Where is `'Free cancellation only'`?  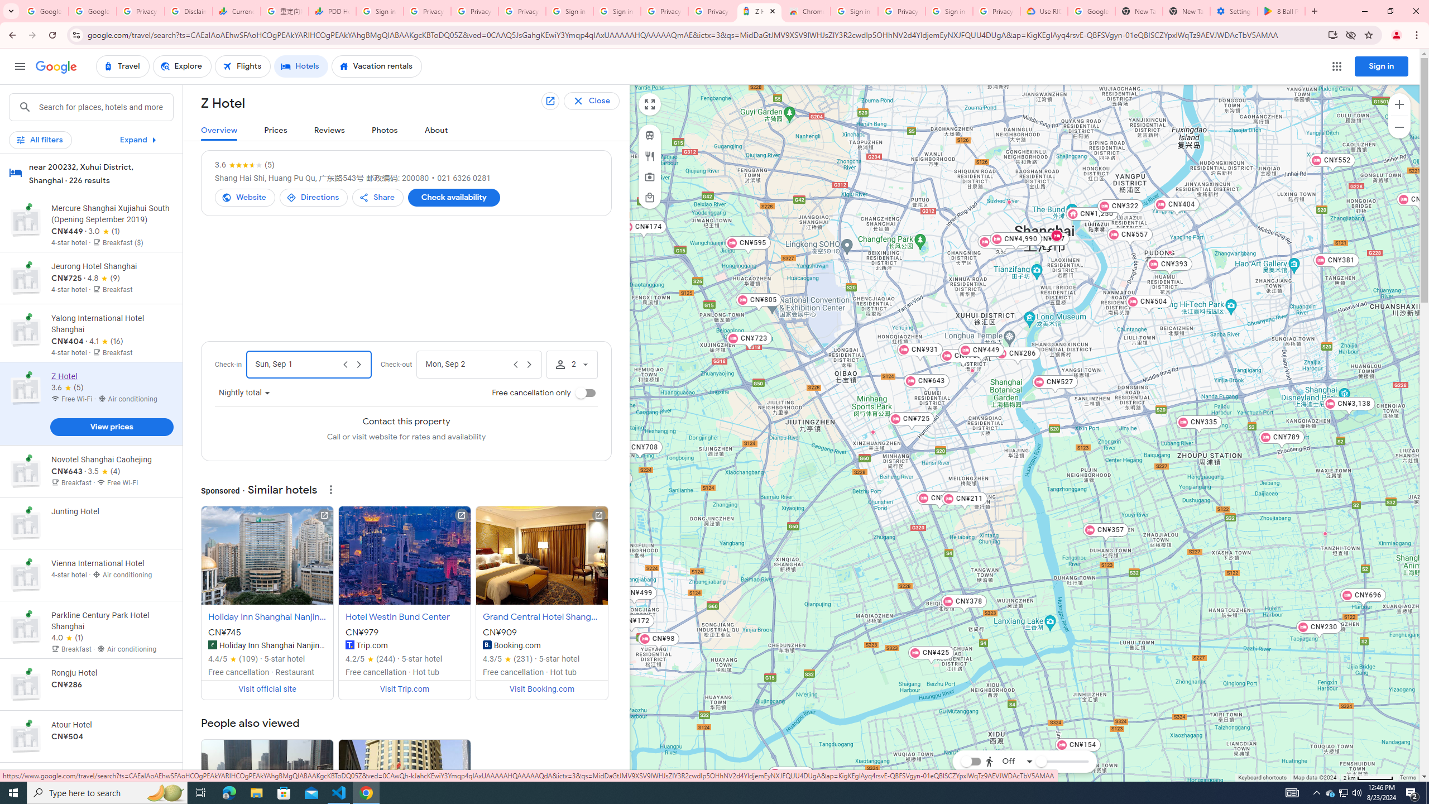 'Free cancellation only' is located at coordinates (585, 393).